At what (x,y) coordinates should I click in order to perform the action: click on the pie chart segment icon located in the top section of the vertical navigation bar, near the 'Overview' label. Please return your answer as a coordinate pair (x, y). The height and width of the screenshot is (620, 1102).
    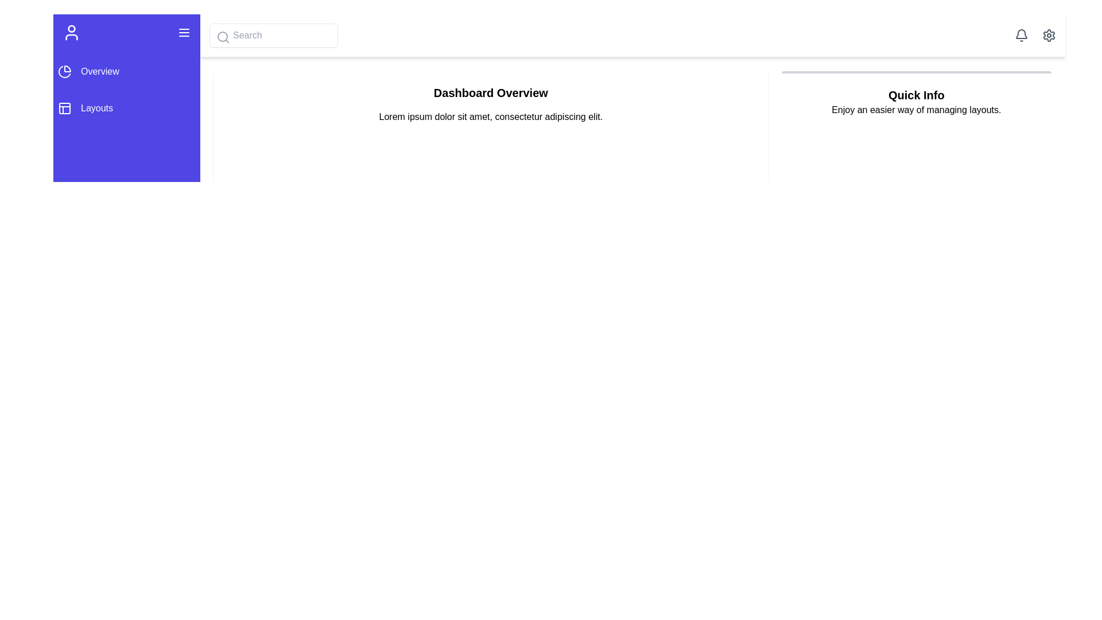
    Looking at the image, I should click on (64, 72).